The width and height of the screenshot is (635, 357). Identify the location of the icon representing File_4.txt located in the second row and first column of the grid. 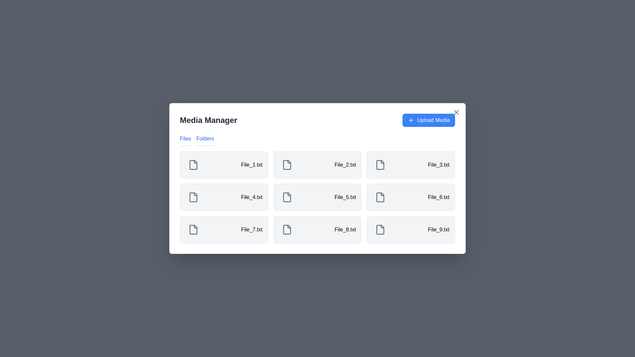
(193, 197).